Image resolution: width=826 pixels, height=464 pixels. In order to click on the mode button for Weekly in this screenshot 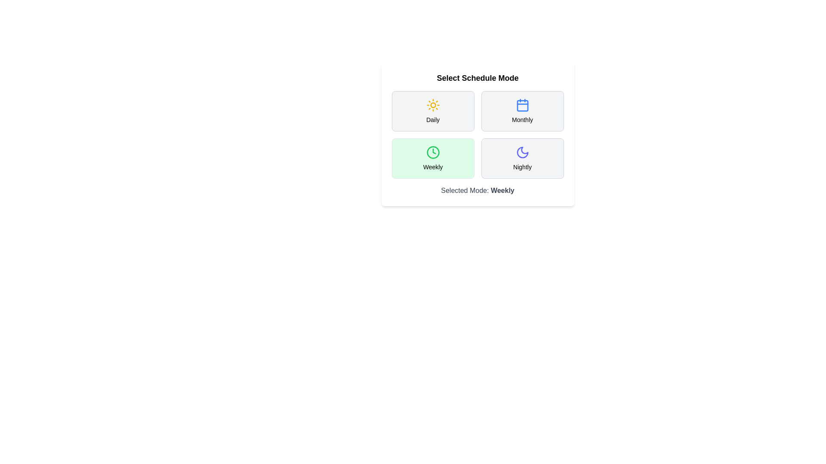, I will do `click(433, 159)`.